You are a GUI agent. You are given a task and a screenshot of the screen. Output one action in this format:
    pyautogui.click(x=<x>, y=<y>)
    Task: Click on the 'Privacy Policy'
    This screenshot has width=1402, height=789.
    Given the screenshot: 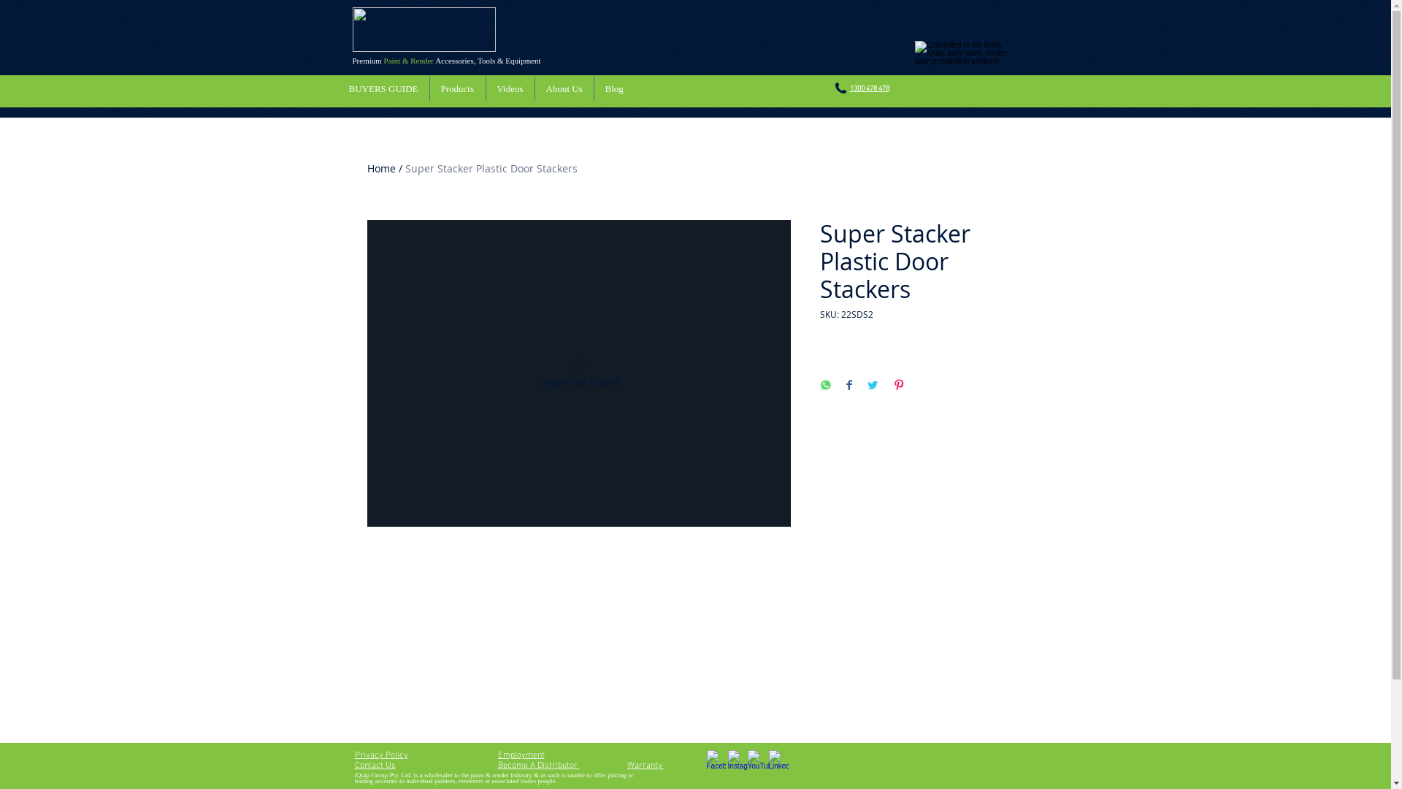 What is the action you would take?
    pyautogui.click(x=354, y=755)
    